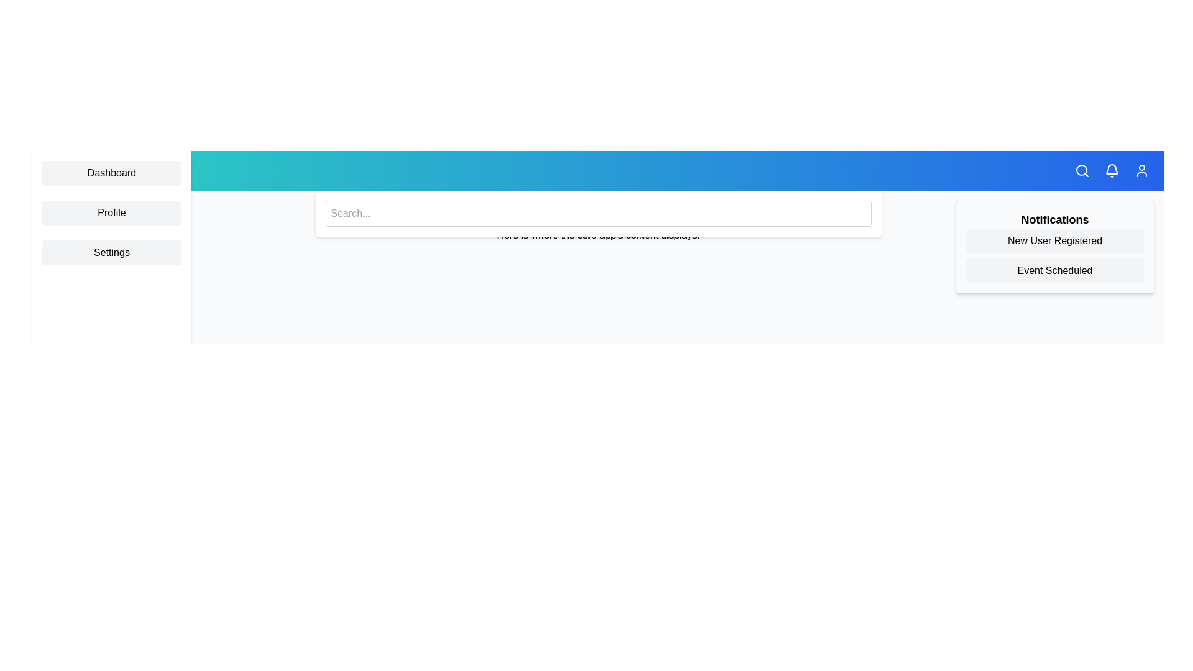 The width and height of the screenshot is (1193, 671). I want to click on the static text that reads 'Here is where the core app's content displays.' located under the bolded 'Content Area' heading, so click(598, 235).